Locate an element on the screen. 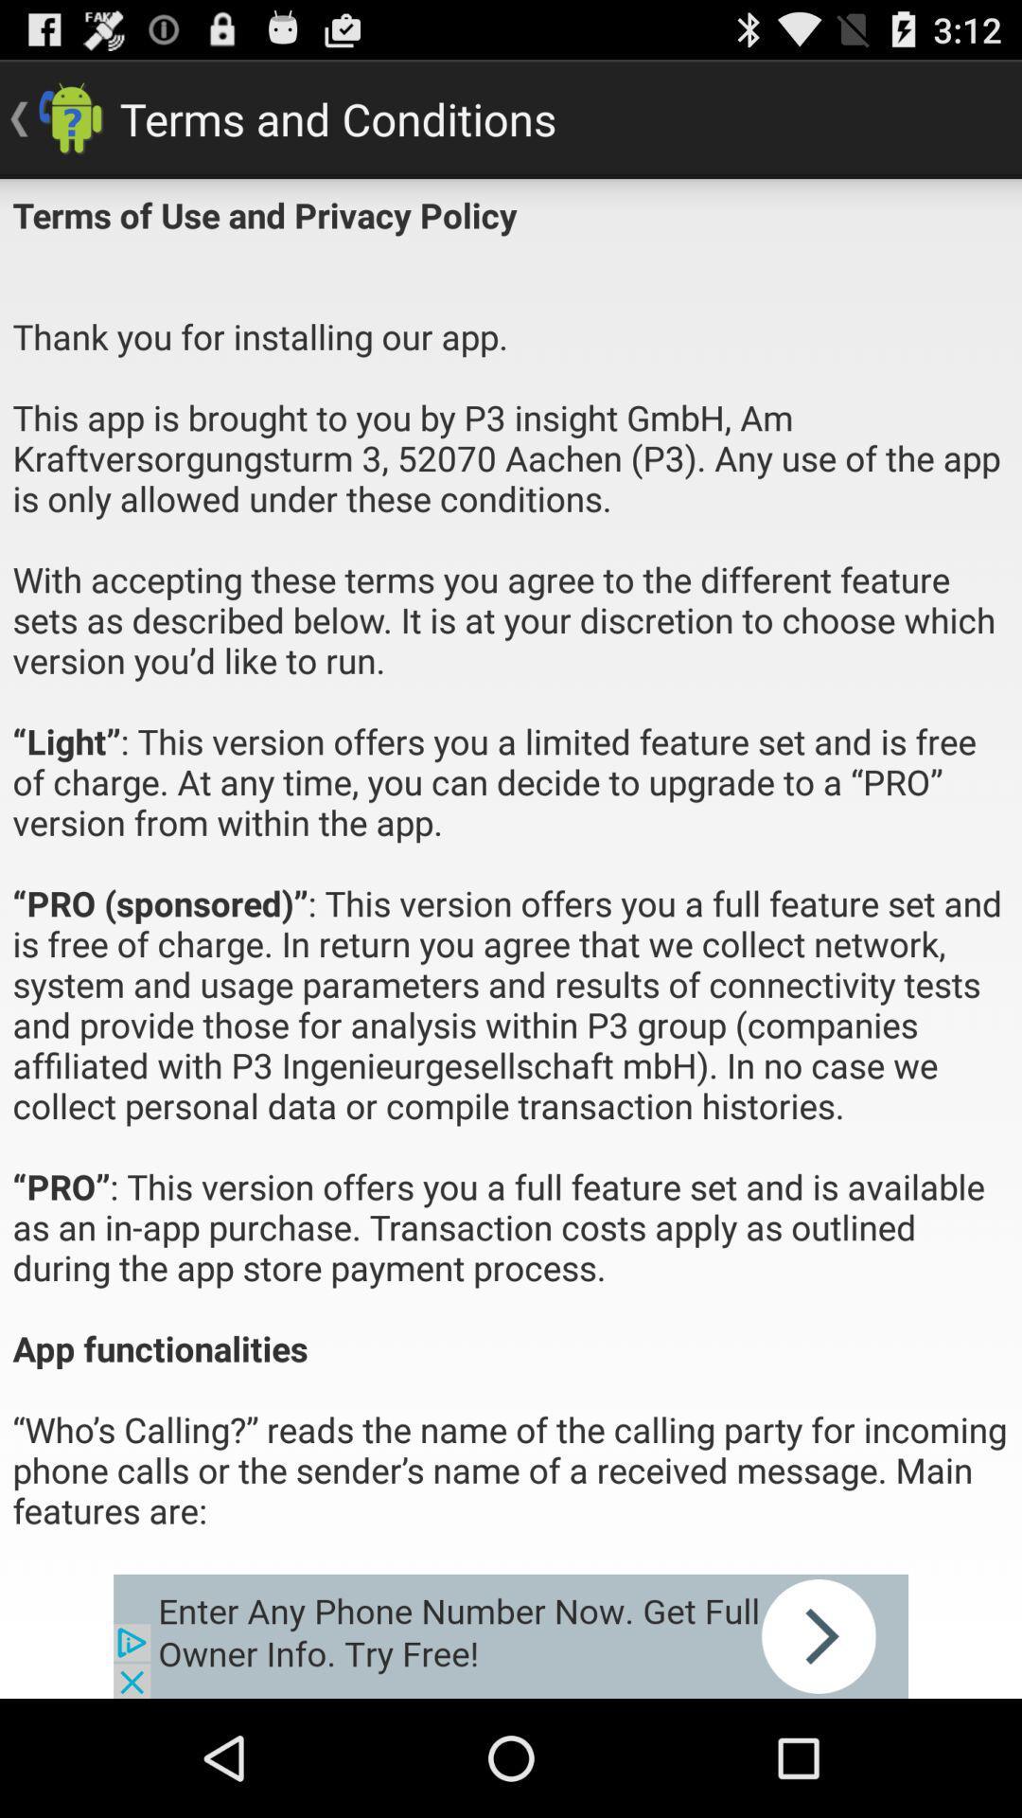 This screenshot has width=1022, height=1818. advertisement link is located at coordinates (511, 1635).